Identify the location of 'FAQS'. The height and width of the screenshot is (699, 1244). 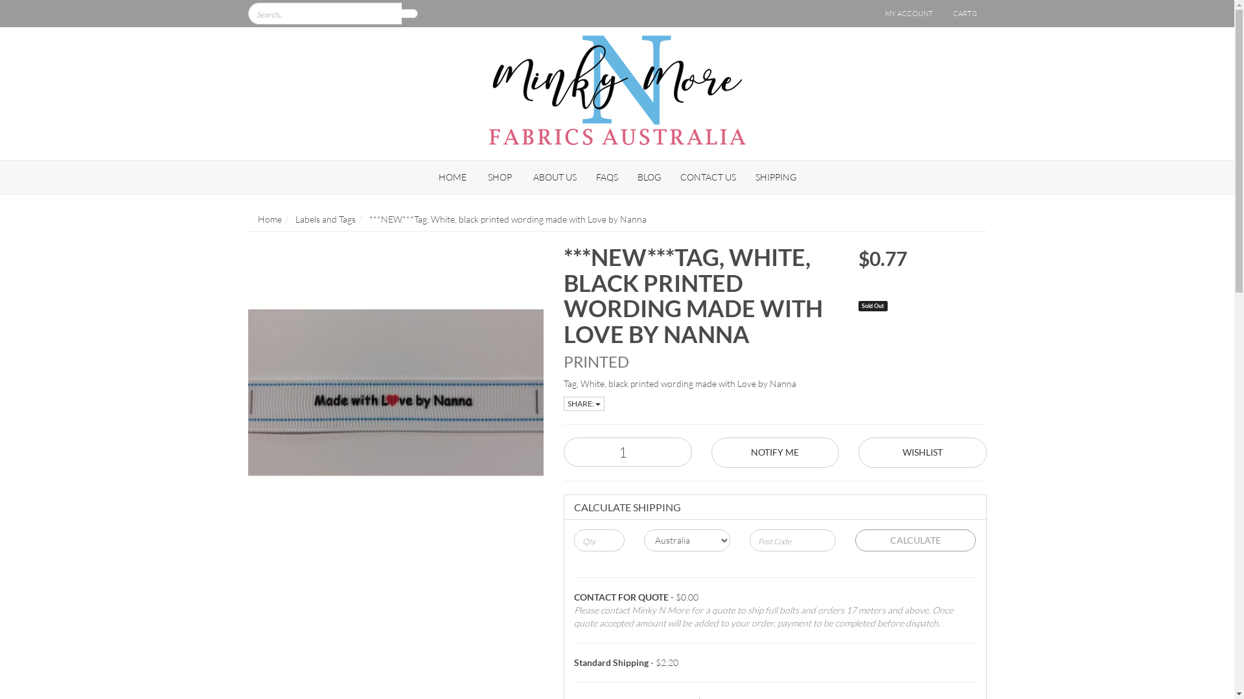
(606, 177).